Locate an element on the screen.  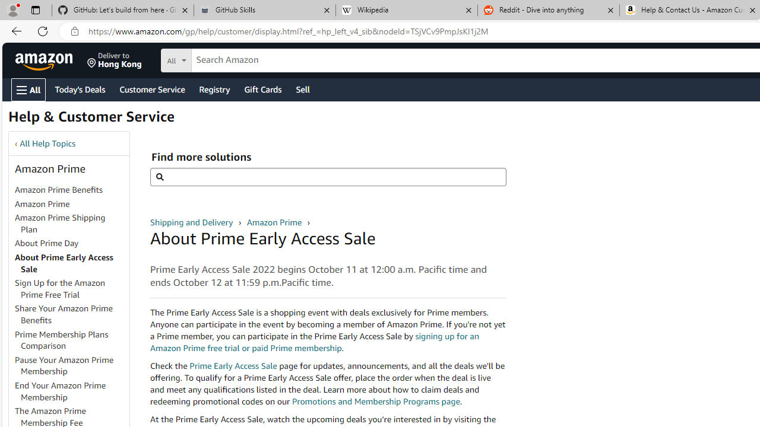
'Search in' is located at coordinates (220, 59).